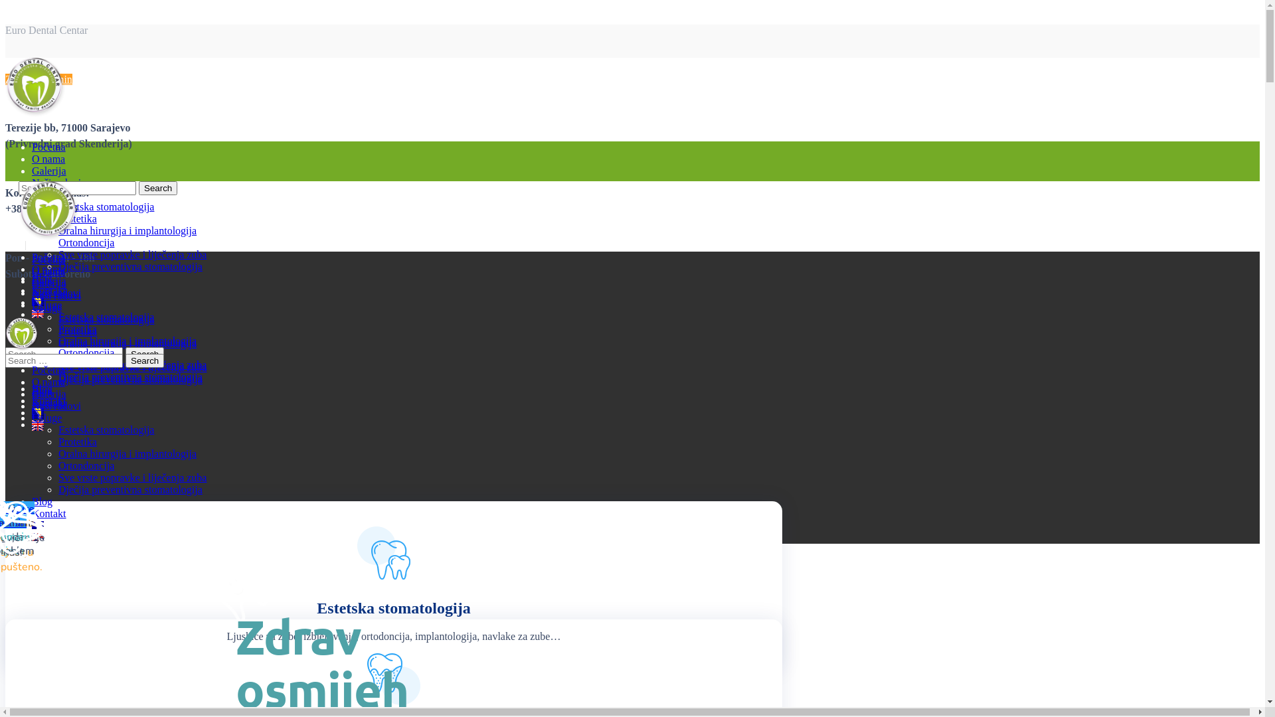 This screenshot has height=717, width=1275. I want to click on 'Search', so click(144, 360).